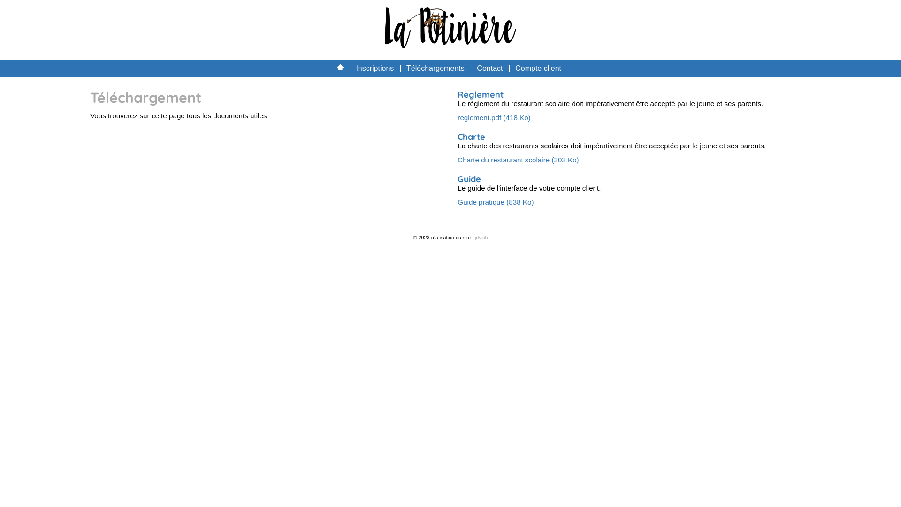  I want to click on 'Contact', so click(489, 68).